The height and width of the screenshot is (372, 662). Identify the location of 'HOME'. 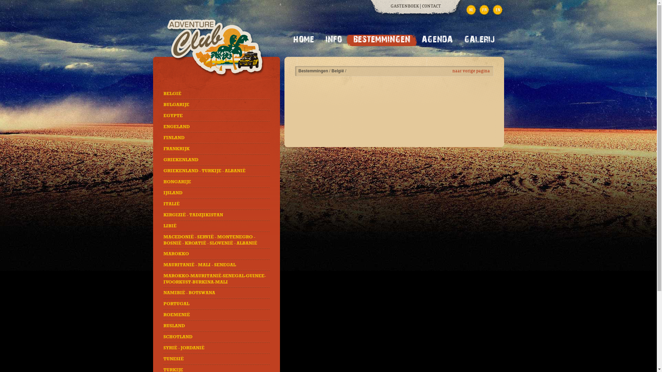
(303, 40).